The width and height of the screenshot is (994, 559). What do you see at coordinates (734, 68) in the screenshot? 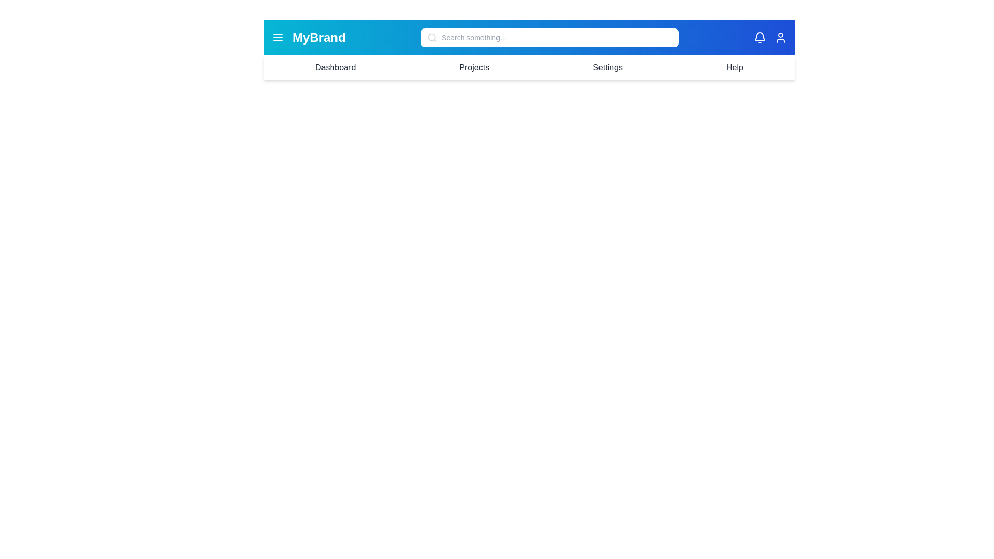
I see `the menu item Help` at bounding box center [734, 68].